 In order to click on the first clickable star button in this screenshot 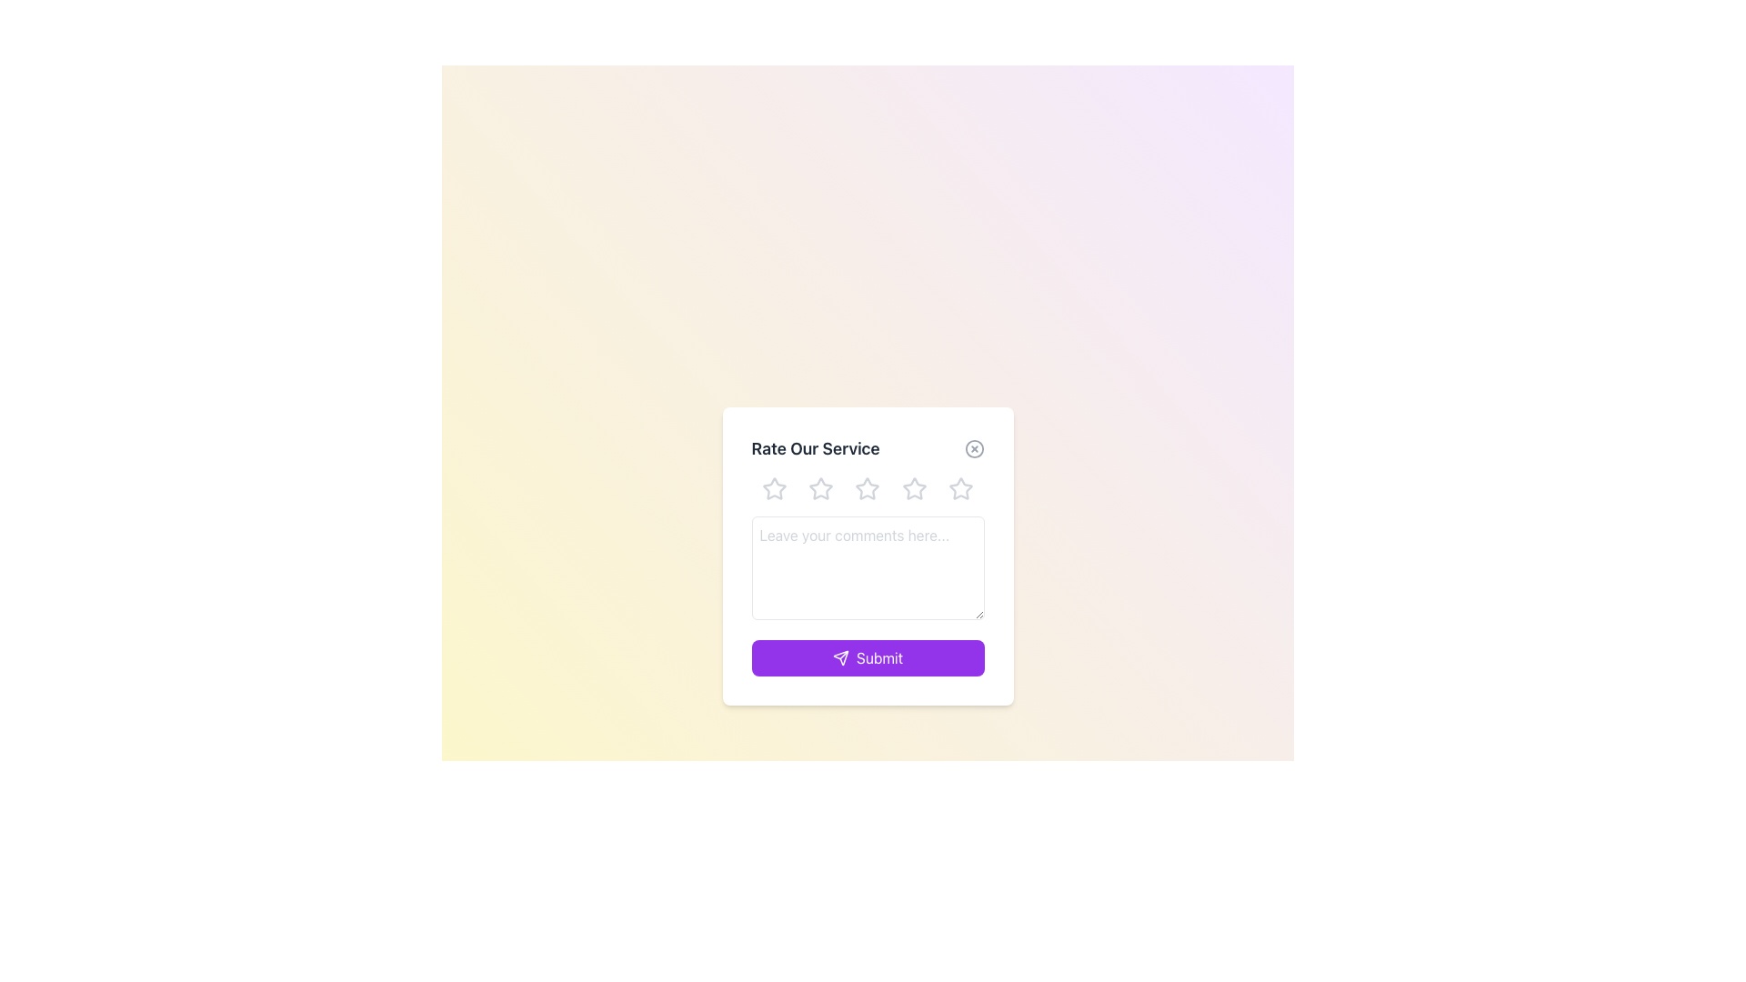, I will do `click(774, 487)`.